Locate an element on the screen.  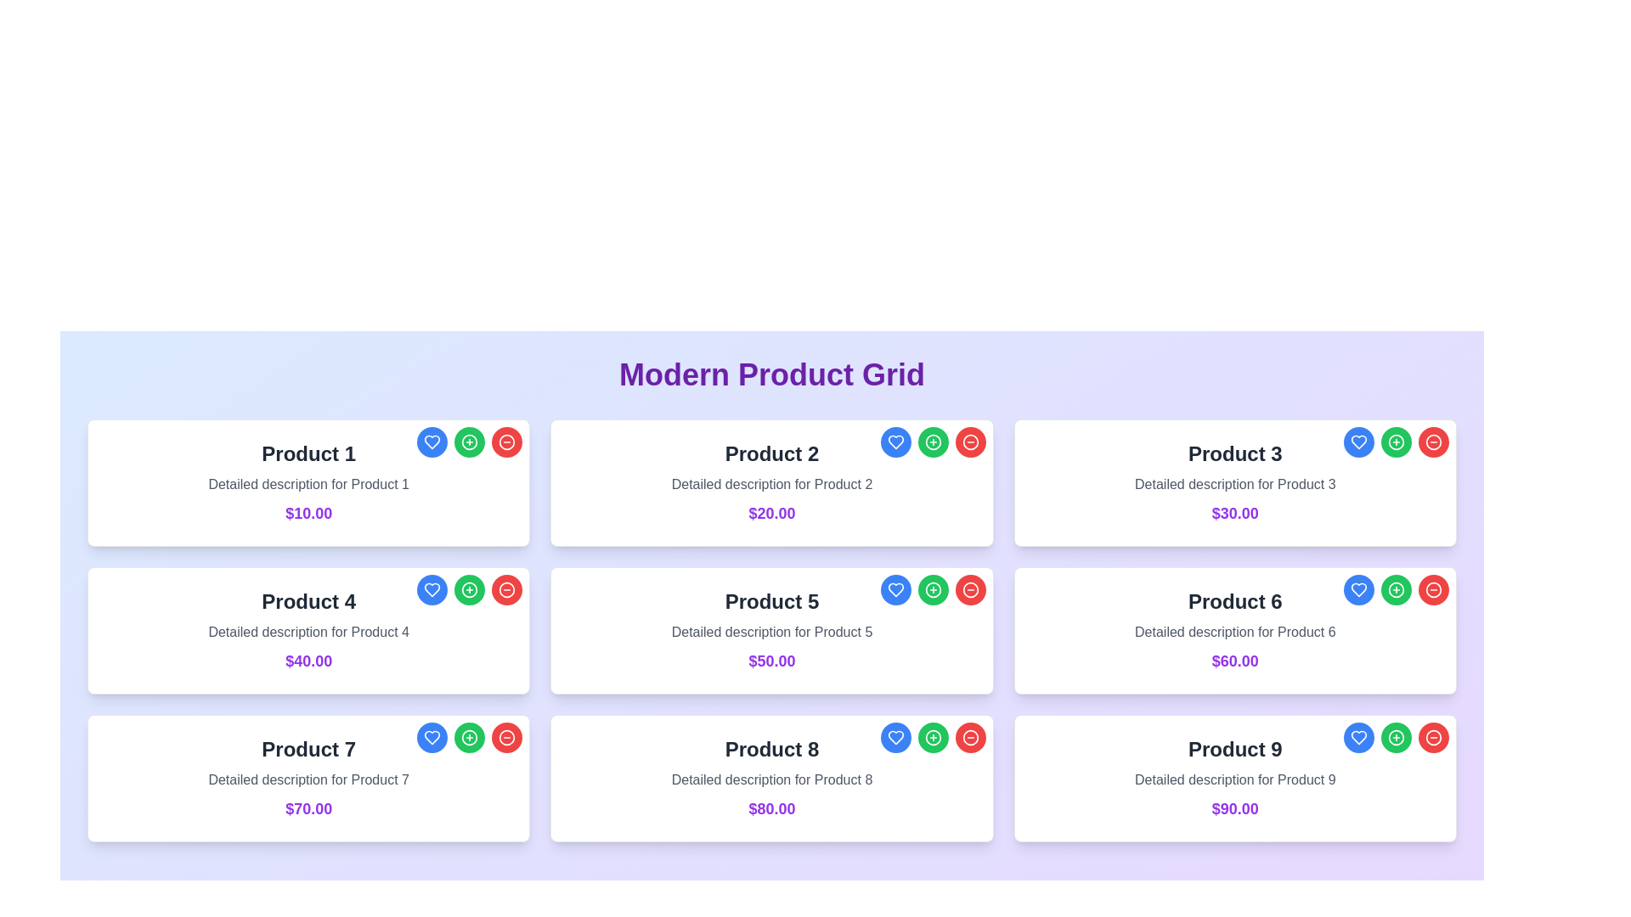
the text label displaying 'Product 4', which is styled with a large, bold font in dark gray, located in the upper left section of the middle row of the grid layout is located at coordinates (308, 601).